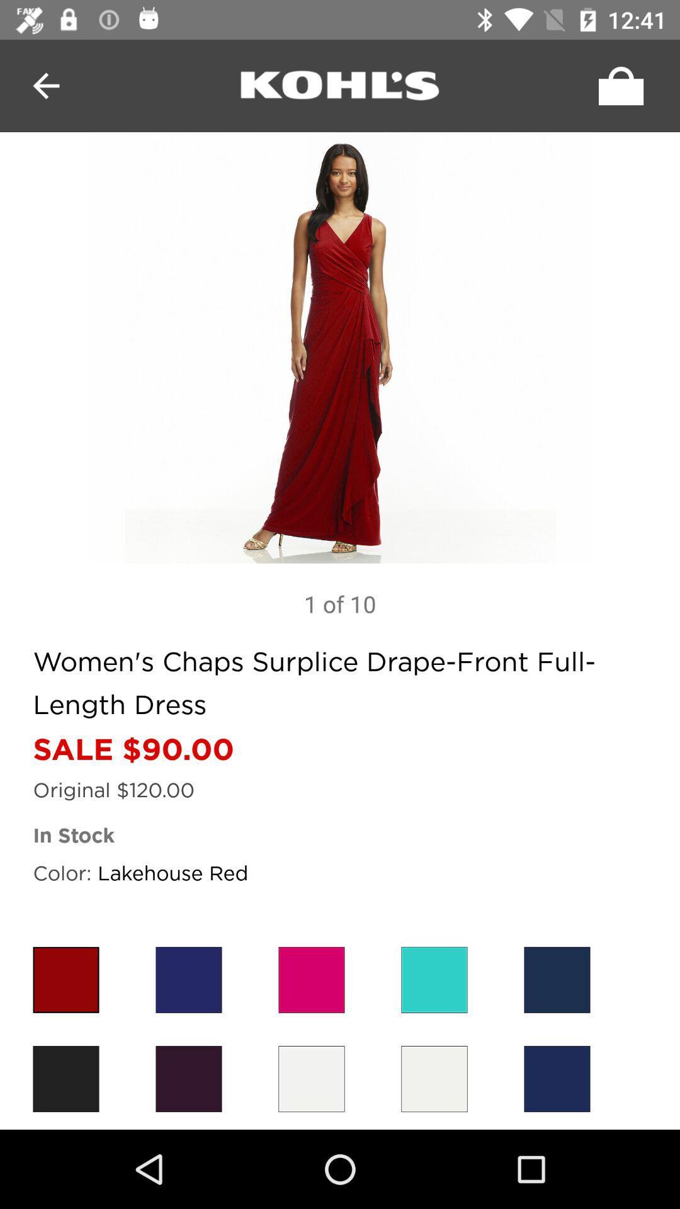 The height and width of the screenshot is (1209, 680). I want to click on in pink, so click(311, 979).